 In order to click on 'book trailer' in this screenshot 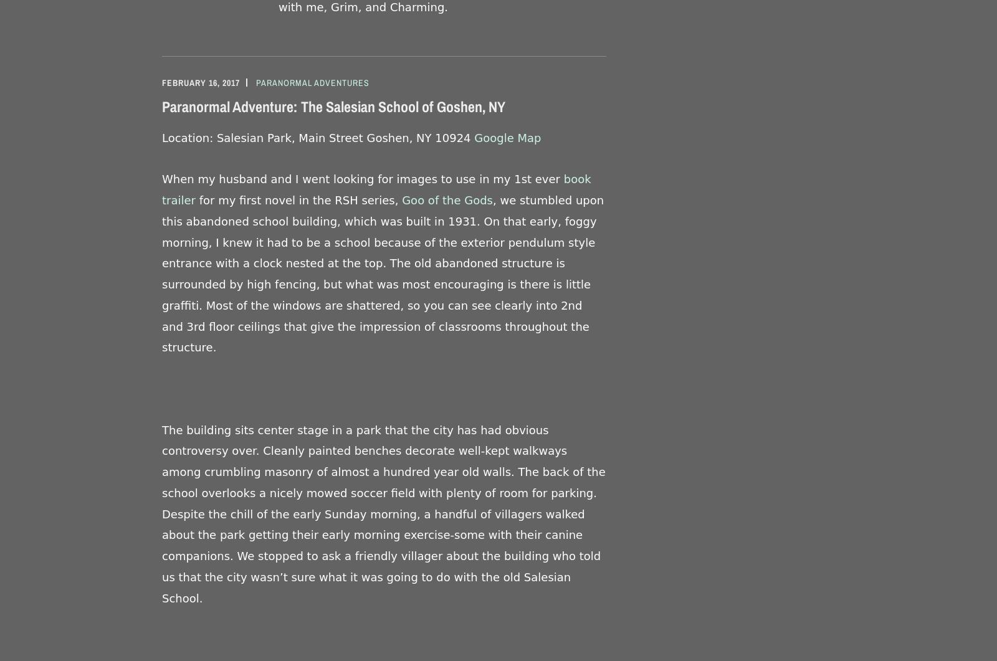, I will do `click(376, 189)`.